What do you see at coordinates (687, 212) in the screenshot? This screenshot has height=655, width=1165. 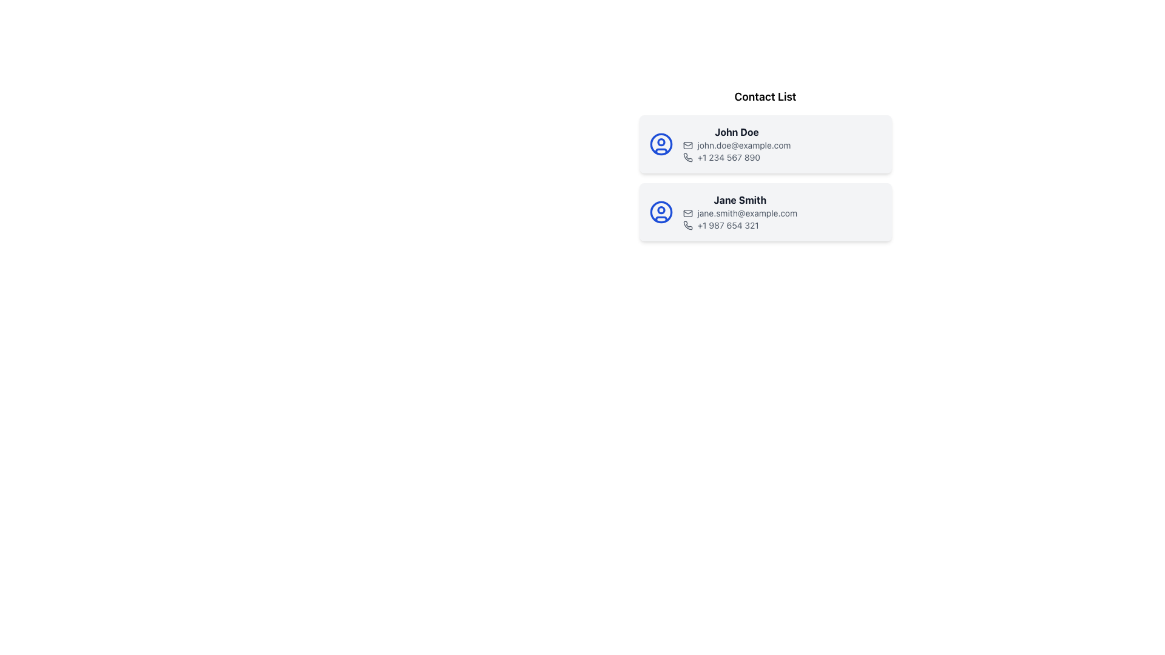 I see `the decorative SVG shape representing the body of the envelope icon in Jane Smith's contact card, located to the left of the email text 'jane.smith@example.com'` at bounding box center [687, 212].